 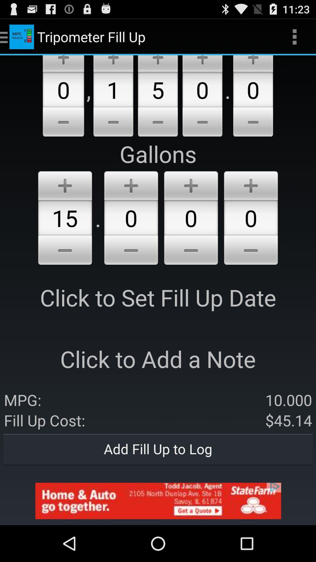 I want to click on the additional gallons, so click(x=253, y=64).